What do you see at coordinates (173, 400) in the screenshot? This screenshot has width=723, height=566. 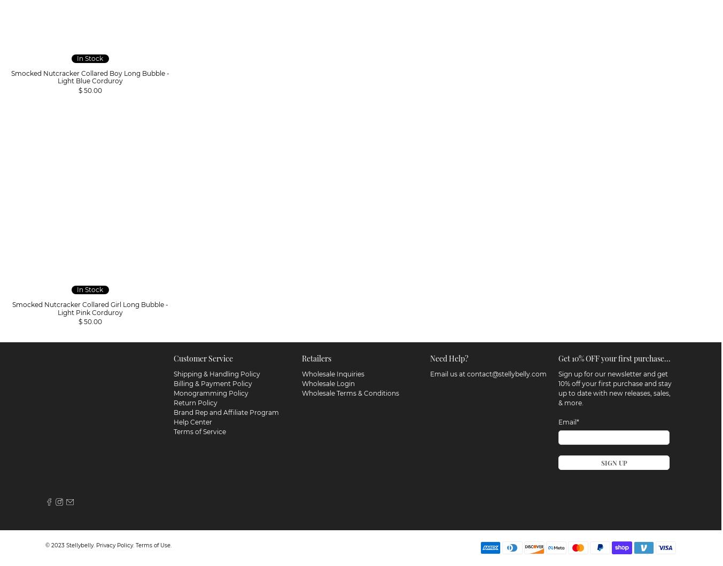 I see `'Return Policy'` at bounding box center [173, 400].